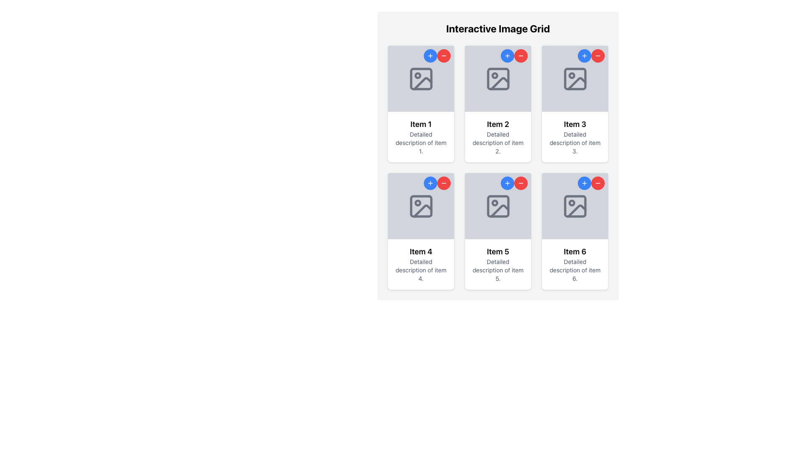 The height and width of the screenshot is (454, 808). Describe the element at coordinates (430, 182) in the screenshot. I see `the blue circular button with a white '+' icon located in the top-right corner of the 'Item 4' card` at that location.